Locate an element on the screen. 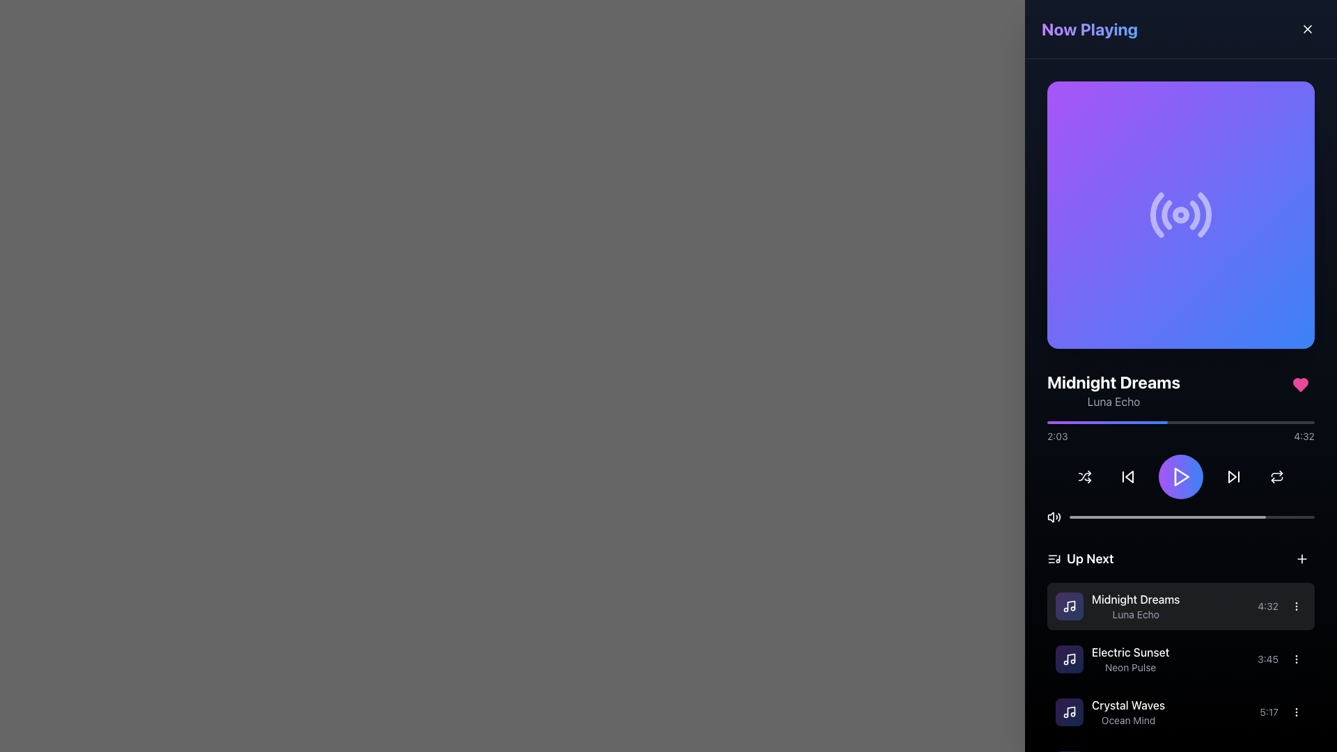 The image size is (1337, 752). the playback position is located at coordinates (1054, 421).